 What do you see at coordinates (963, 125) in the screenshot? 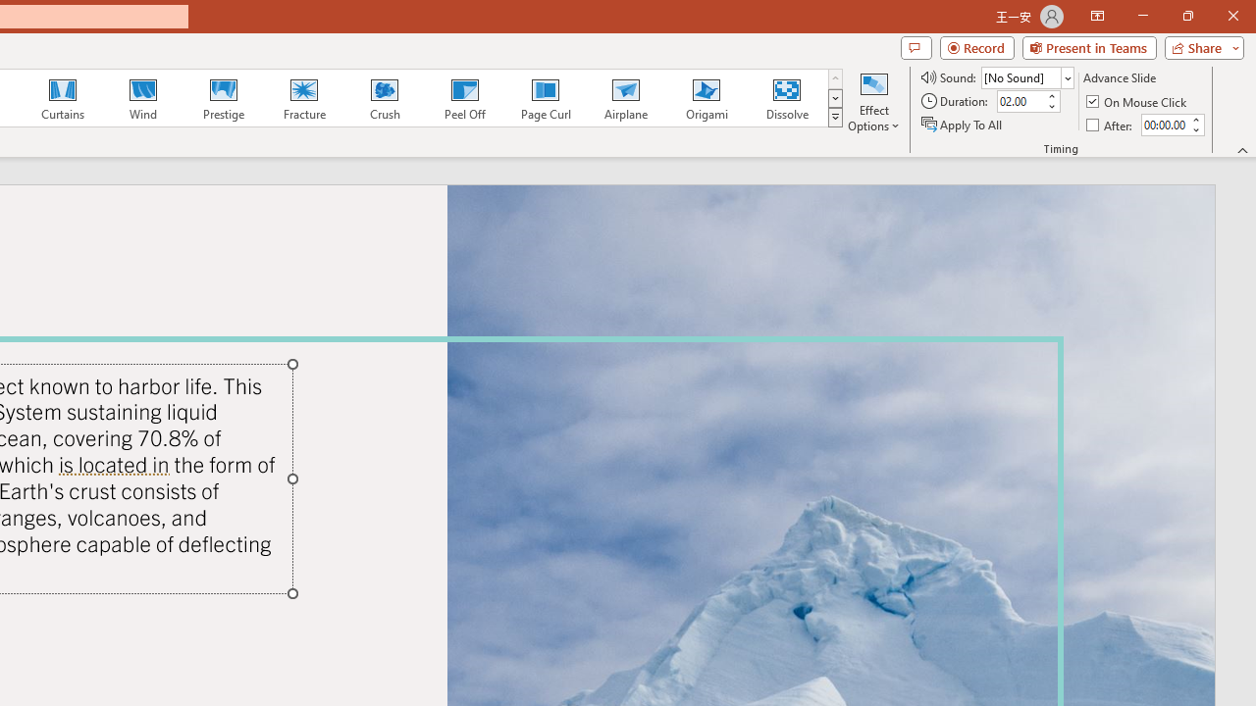
I see `'Apply To All'` at bounding box center [963, 125].